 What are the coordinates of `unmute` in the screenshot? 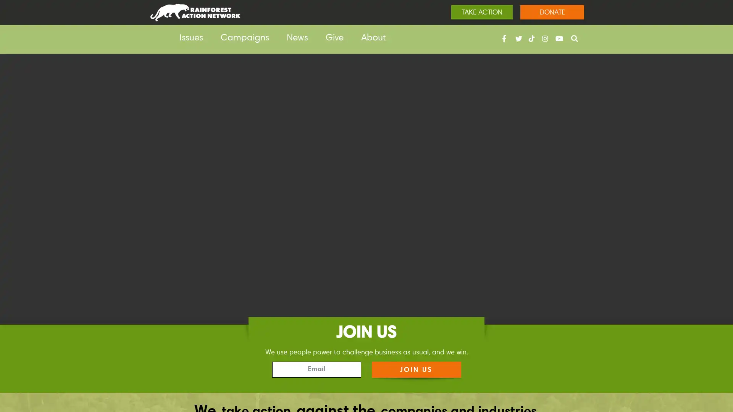 It's located at (665, 372).